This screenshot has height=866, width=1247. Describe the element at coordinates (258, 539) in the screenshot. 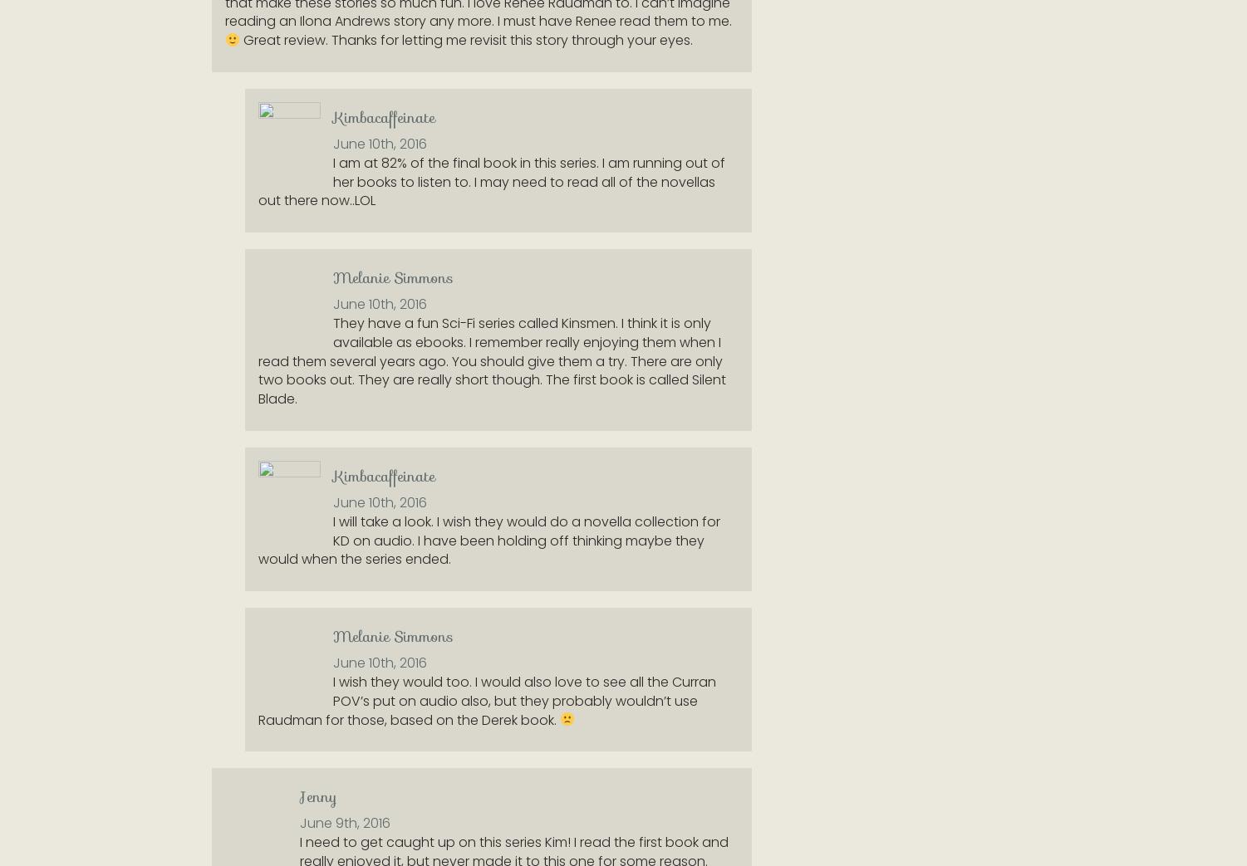

I see `'I will take a look. I wish they would do a novella collection for KD on audio. I have been holding off thinking maybe they would when the series ended.'` at that location.